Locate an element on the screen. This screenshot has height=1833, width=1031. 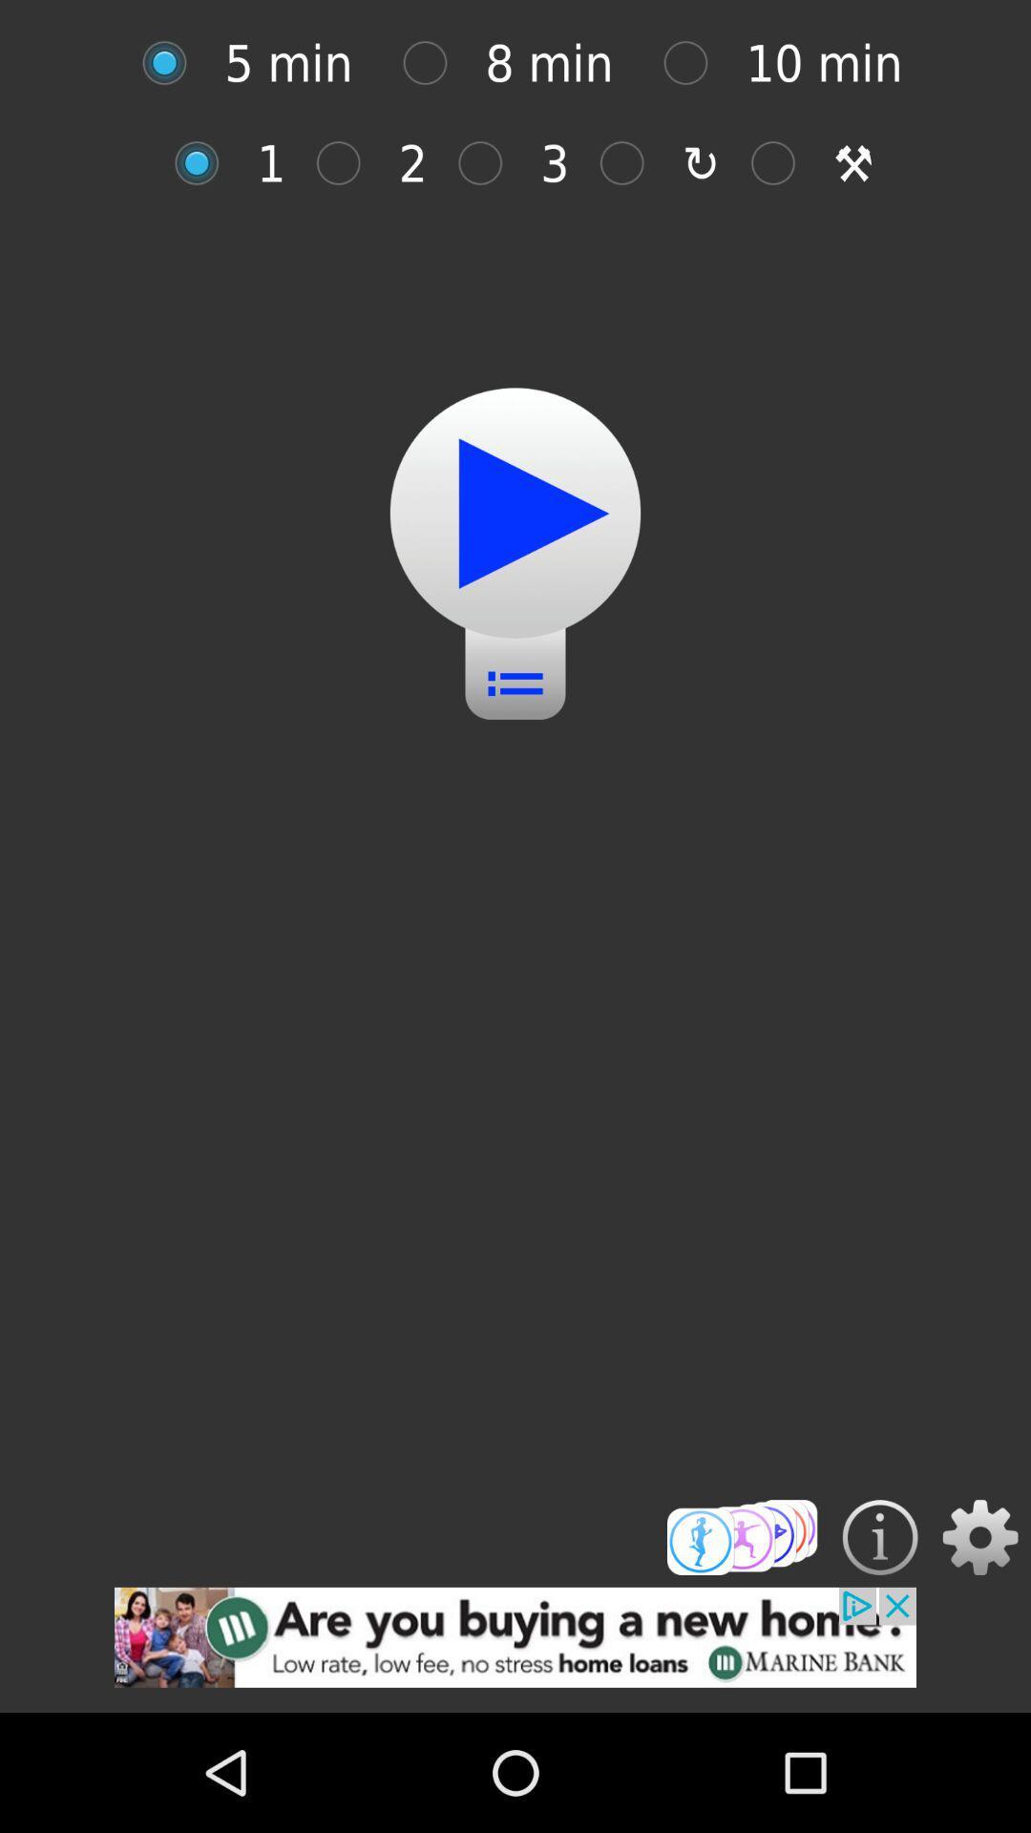
minutes options is located at coordinates (696, 63).